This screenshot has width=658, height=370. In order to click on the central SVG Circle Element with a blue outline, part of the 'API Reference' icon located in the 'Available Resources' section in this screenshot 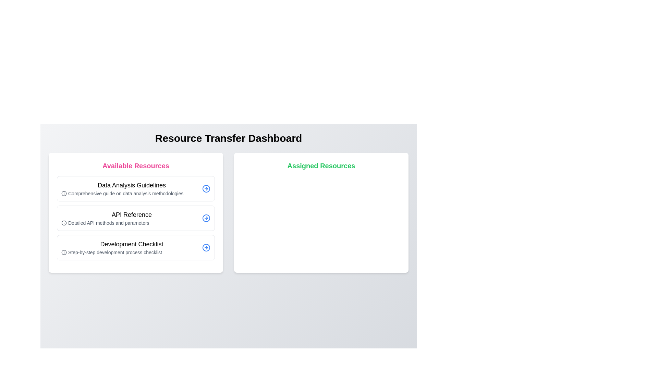, I will do `click(206, 218)`.